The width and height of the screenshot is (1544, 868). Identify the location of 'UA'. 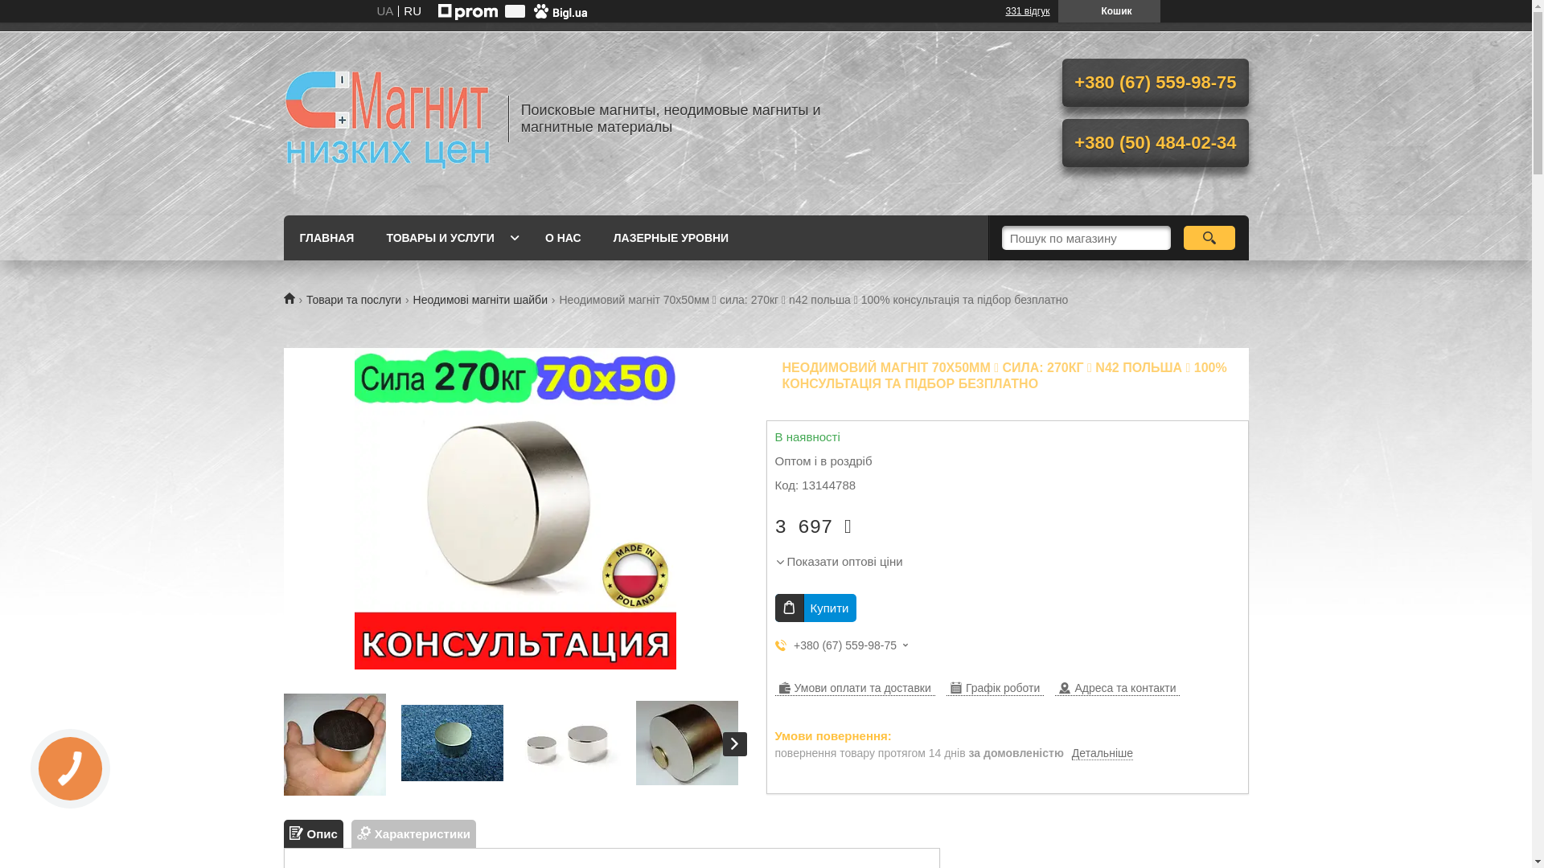
(384, 11).